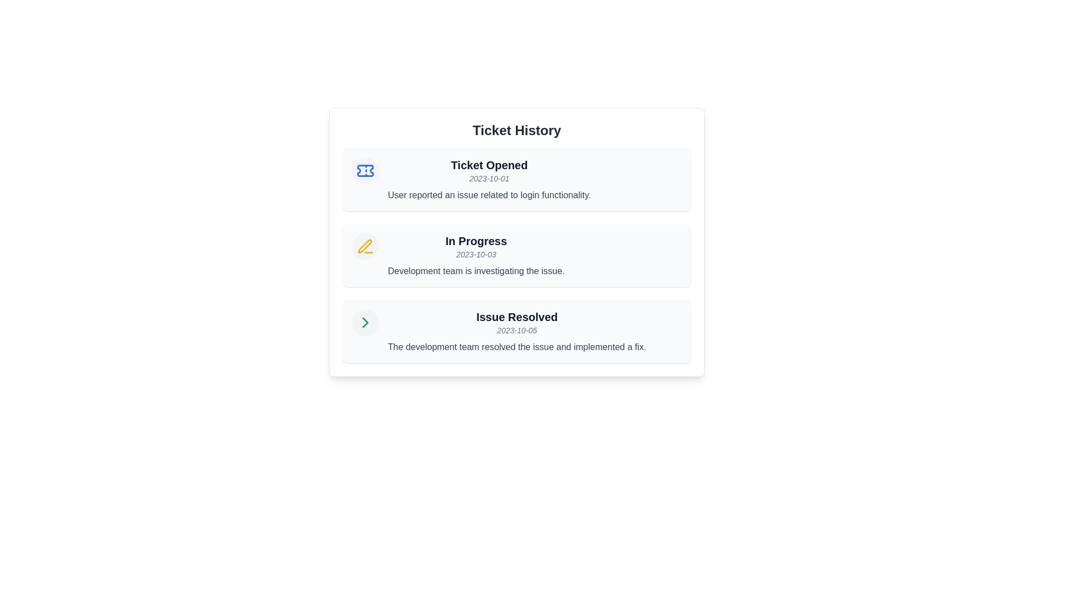  Describe the element at coordinates (365, 170) in the screenshot. I see `the small blue ticket icon enclosed within a light gray circular background, located at the top left of the 'Ticket Opened' card in the 'Ticket History' section` at that location.